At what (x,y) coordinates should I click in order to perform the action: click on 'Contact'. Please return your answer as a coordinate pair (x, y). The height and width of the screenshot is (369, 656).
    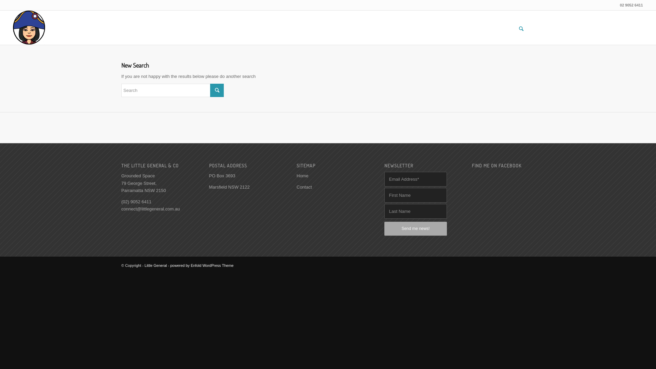
    Looking at the image, I should click on (304, 187).